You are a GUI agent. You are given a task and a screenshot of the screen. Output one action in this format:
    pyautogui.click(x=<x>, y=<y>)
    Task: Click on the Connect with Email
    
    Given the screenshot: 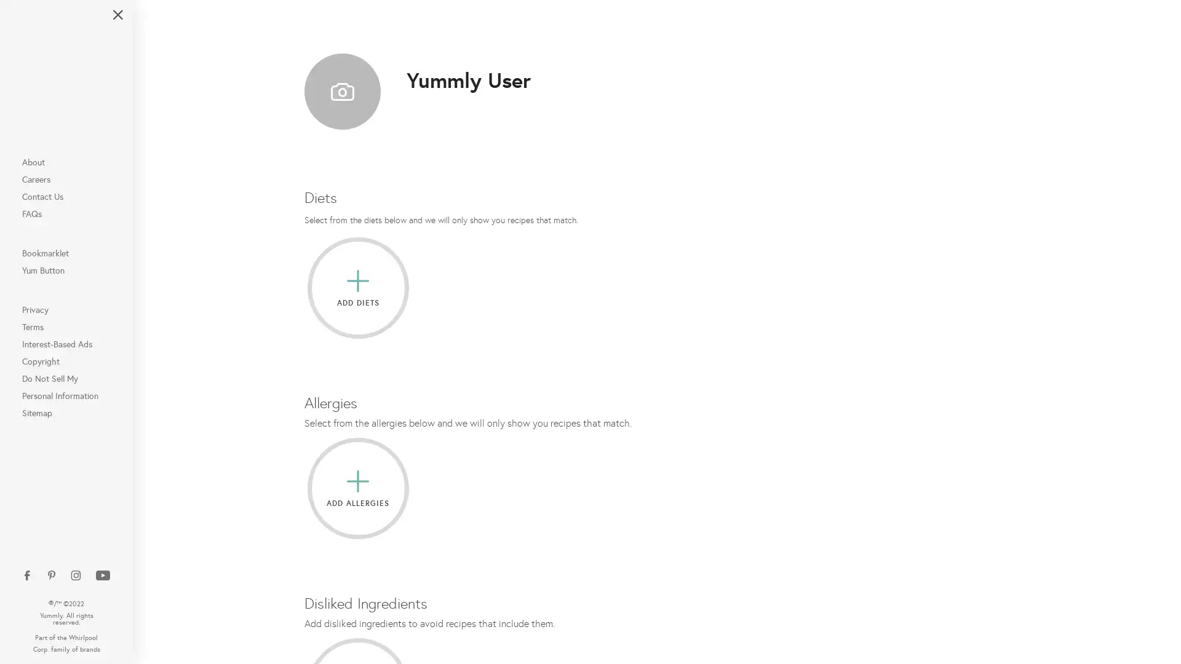 What is the action you would take?
    pyautogui.click(x=656, y=413)
    